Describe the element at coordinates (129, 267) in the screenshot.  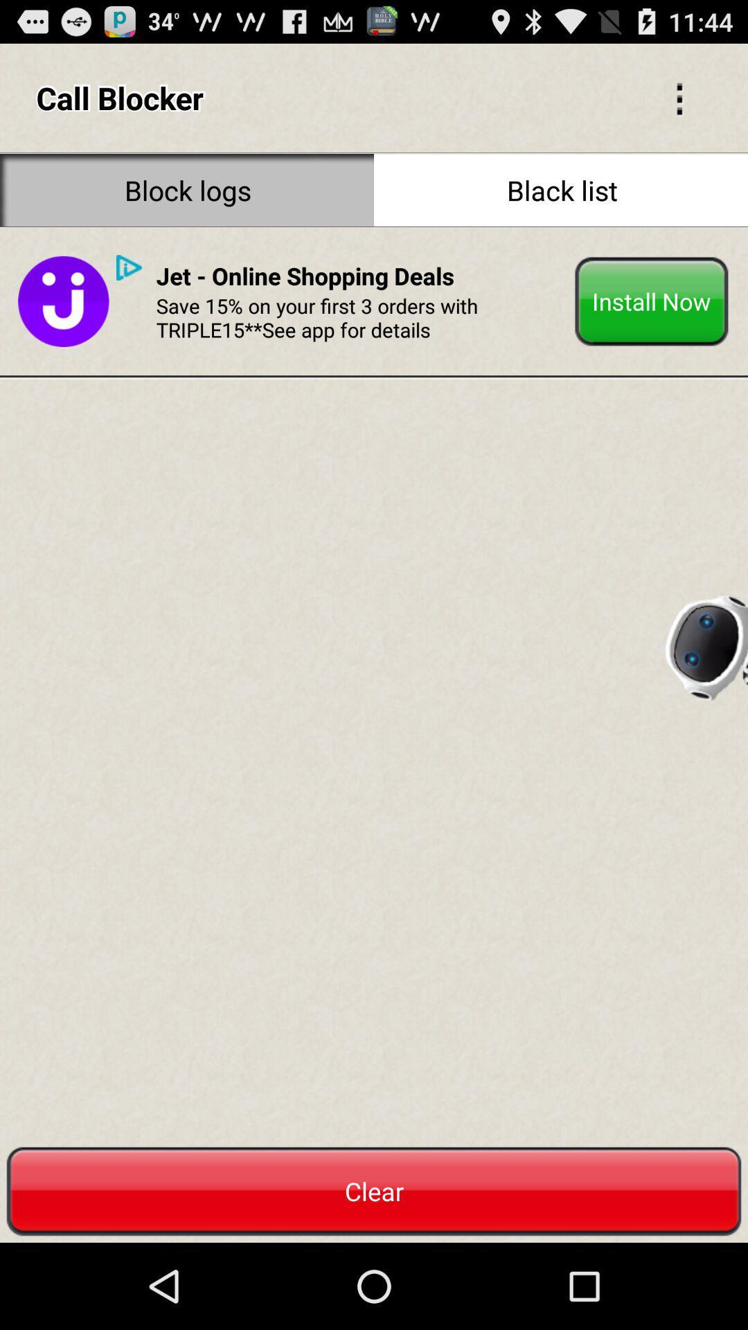
I see `the play button on the web page` at that location.